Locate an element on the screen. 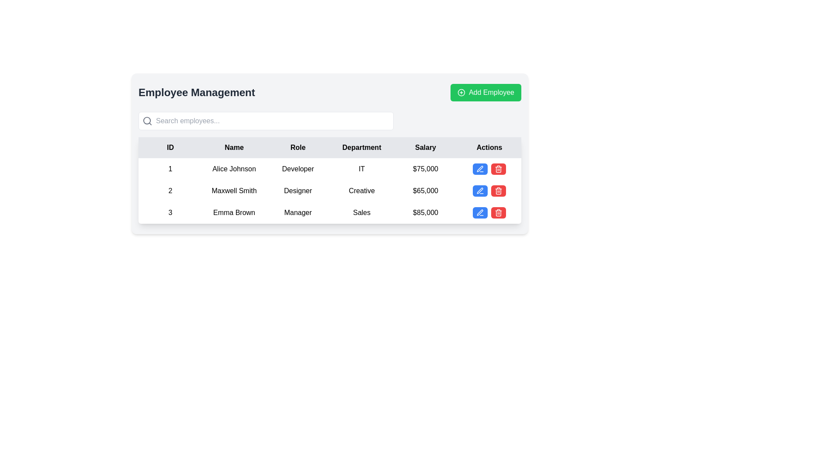 Image resolution: width=839 pixels, height=472 pixels. the text element displaying the name 'Maxwell Smith' in the second row of the table under the 'Name' column is located at coordinates (234, 190).